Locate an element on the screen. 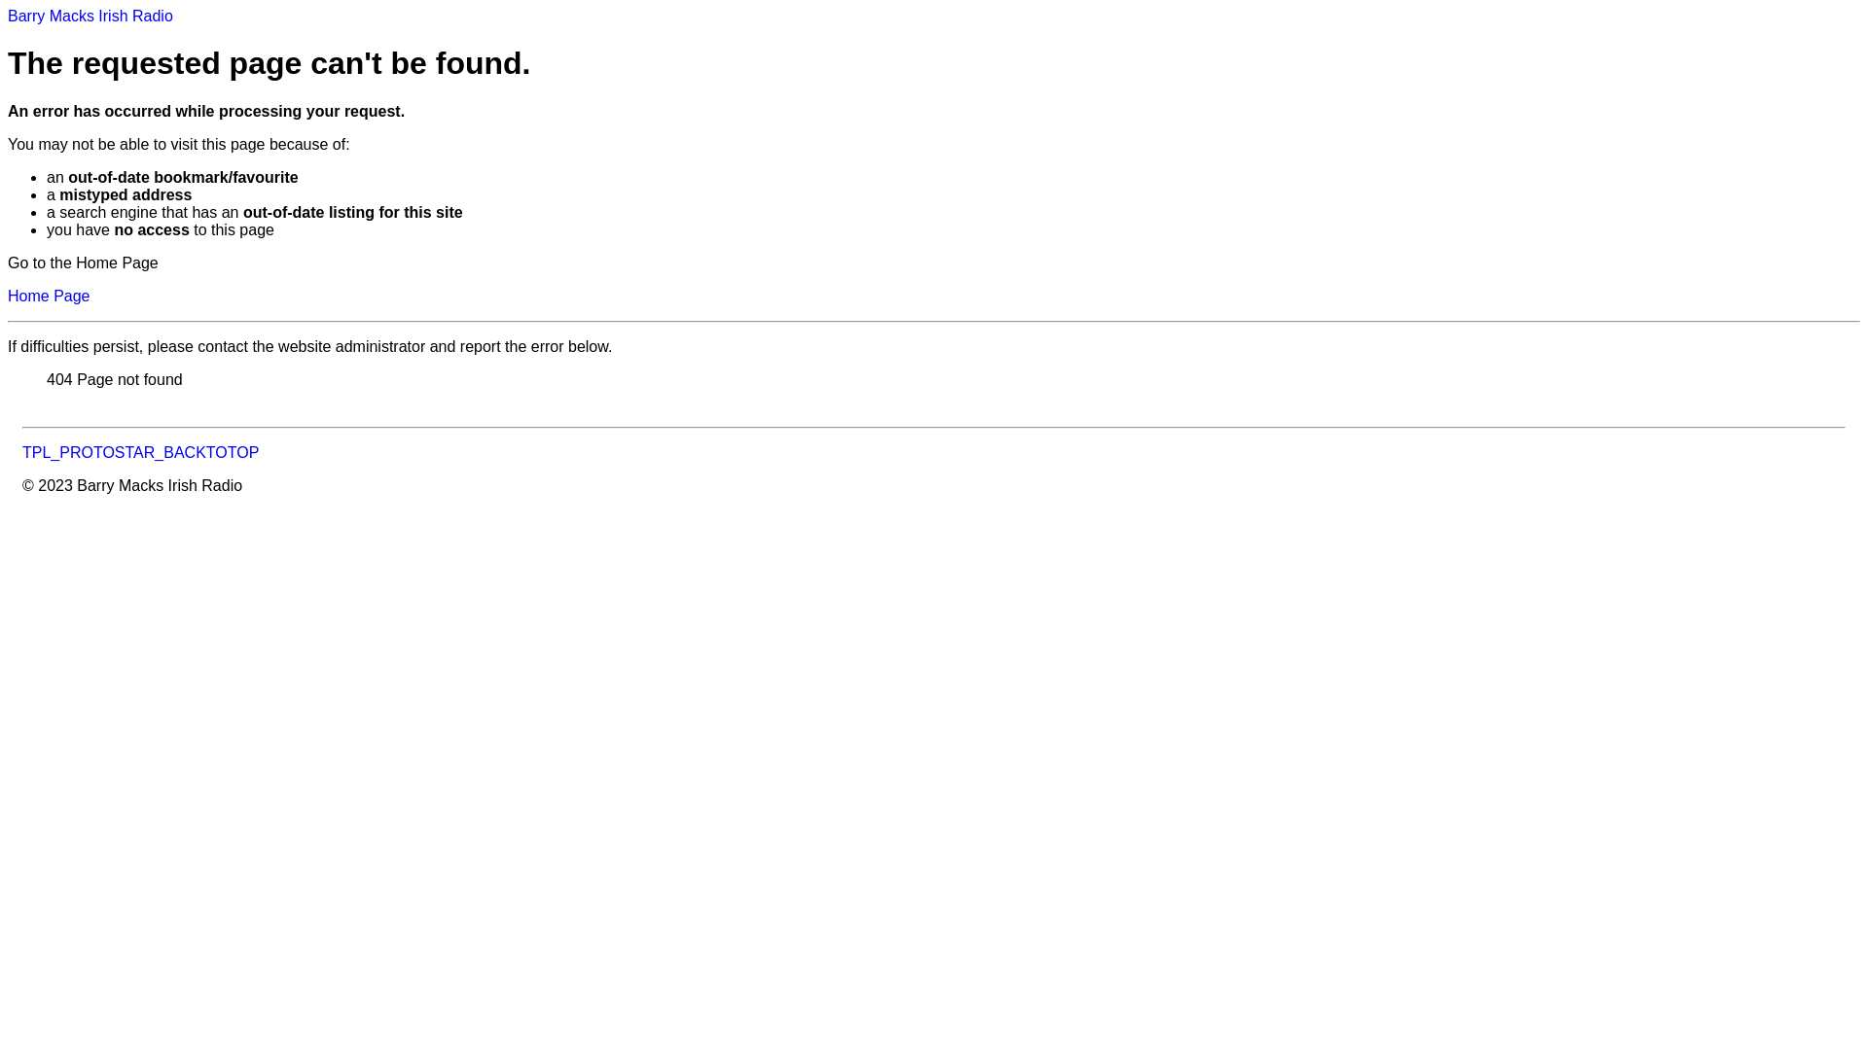  'Home Page' is located at coordinates (49, 296).